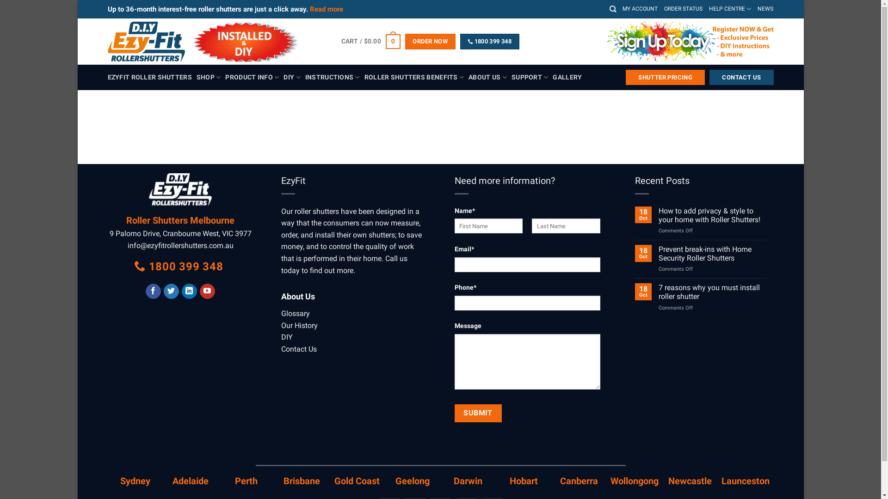 The image size is (888, 499). I want to click on 'Brisbane', so click(302, 481).